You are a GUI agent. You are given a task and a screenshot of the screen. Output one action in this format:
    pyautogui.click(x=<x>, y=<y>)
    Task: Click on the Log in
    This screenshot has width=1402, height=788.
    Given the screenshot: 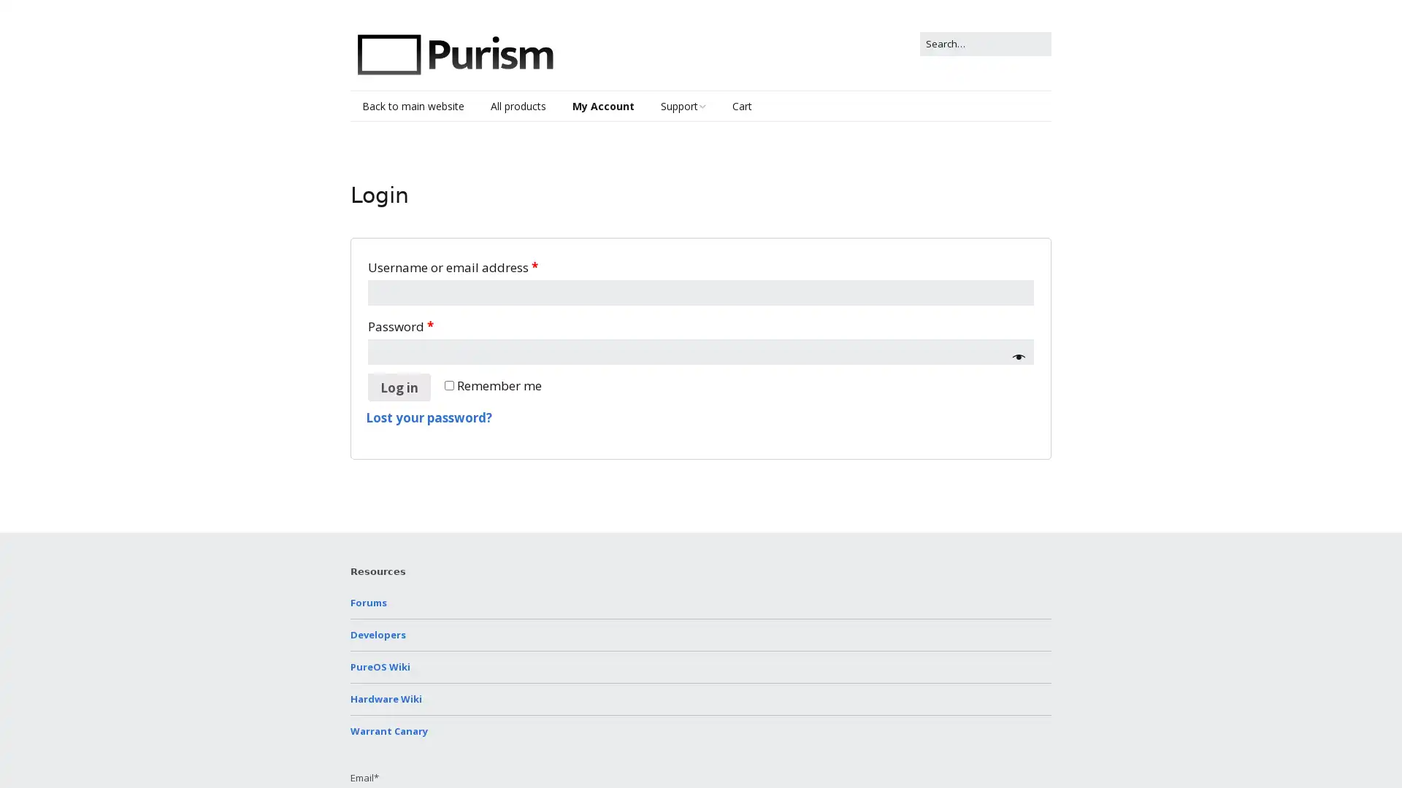 What is the action you would take?
    pyautogui.click(x=399, y=387)
    